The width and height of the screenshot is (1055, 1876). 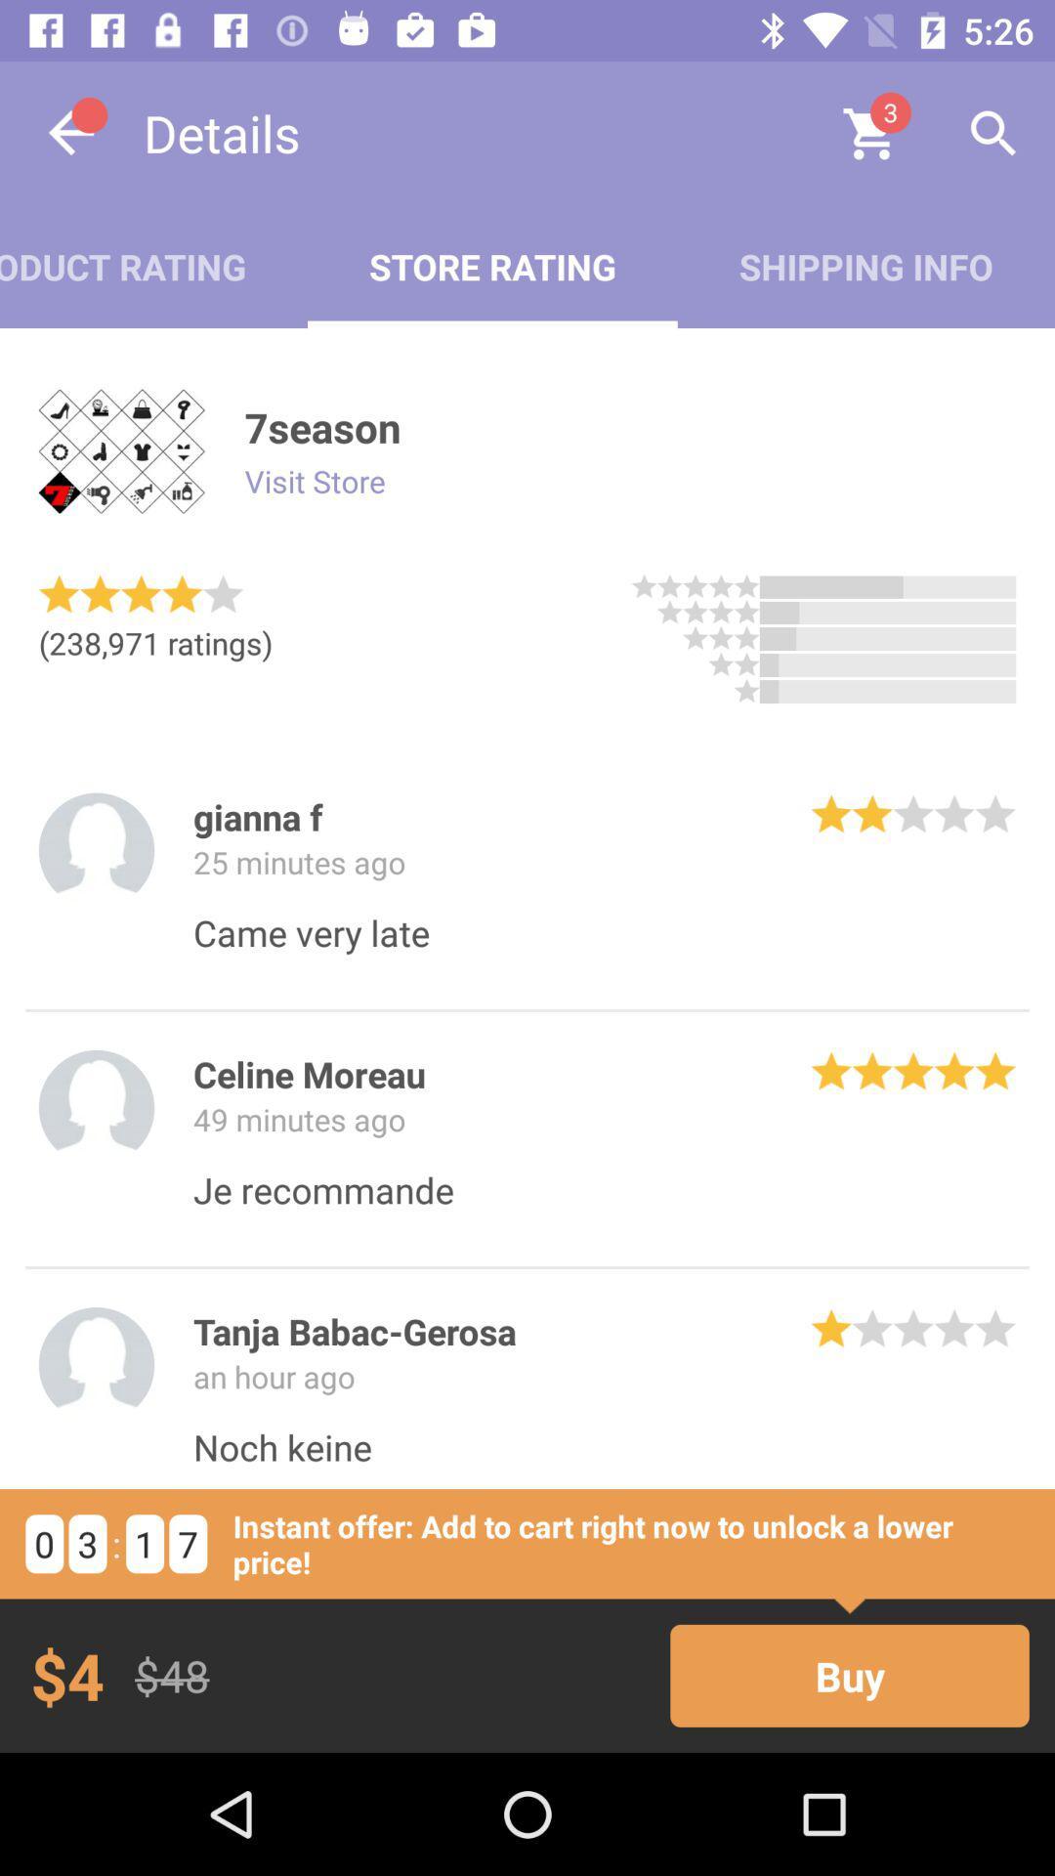 What do you see at coordinates (70, 132) in the screenshot?
I see `the icon next to the details item` at bounding box center [70, 132].